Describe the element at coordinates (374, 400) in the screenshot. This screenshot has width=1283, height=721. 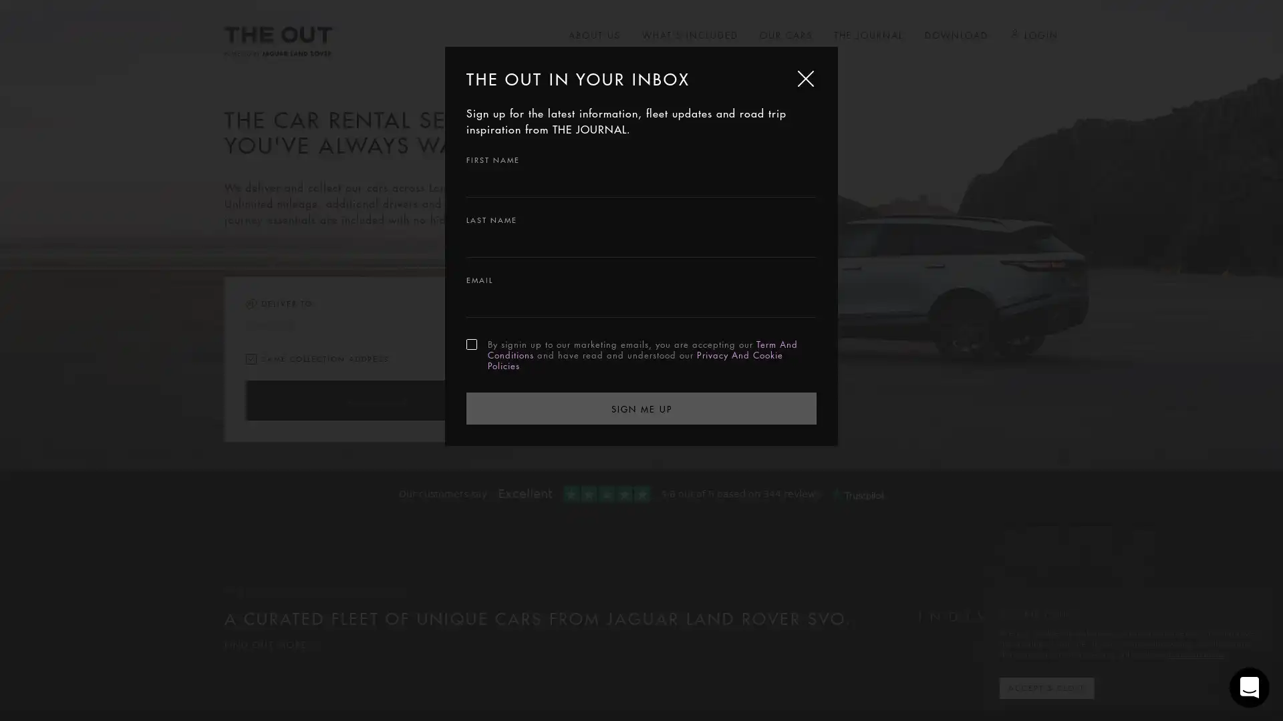
I see `CHOOSE CAR` at that location.